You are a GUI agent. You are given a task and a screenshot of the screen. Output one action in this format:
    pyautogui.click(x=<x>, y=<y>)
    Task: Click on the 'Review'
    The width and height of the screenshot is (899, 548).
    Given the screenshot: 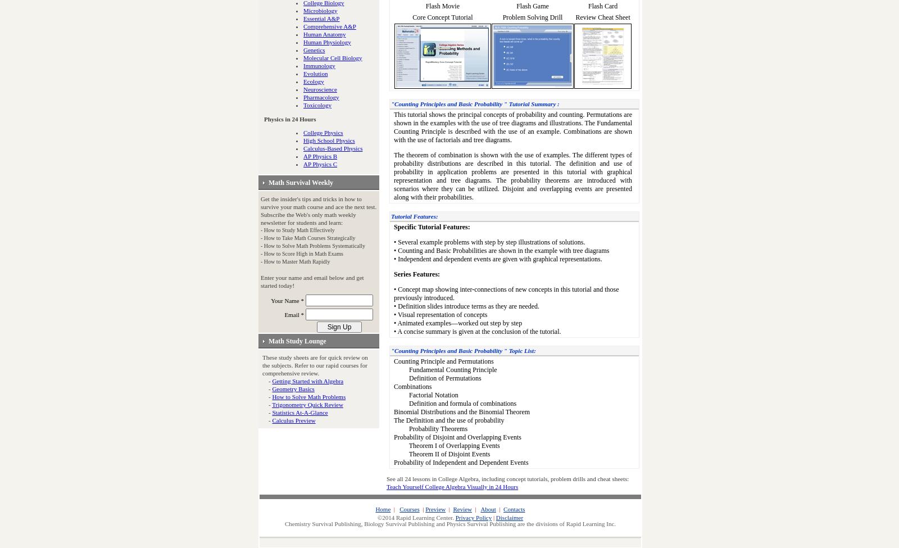 What is the action you would take?
    pyautogui.click(x=462, y=508)
    